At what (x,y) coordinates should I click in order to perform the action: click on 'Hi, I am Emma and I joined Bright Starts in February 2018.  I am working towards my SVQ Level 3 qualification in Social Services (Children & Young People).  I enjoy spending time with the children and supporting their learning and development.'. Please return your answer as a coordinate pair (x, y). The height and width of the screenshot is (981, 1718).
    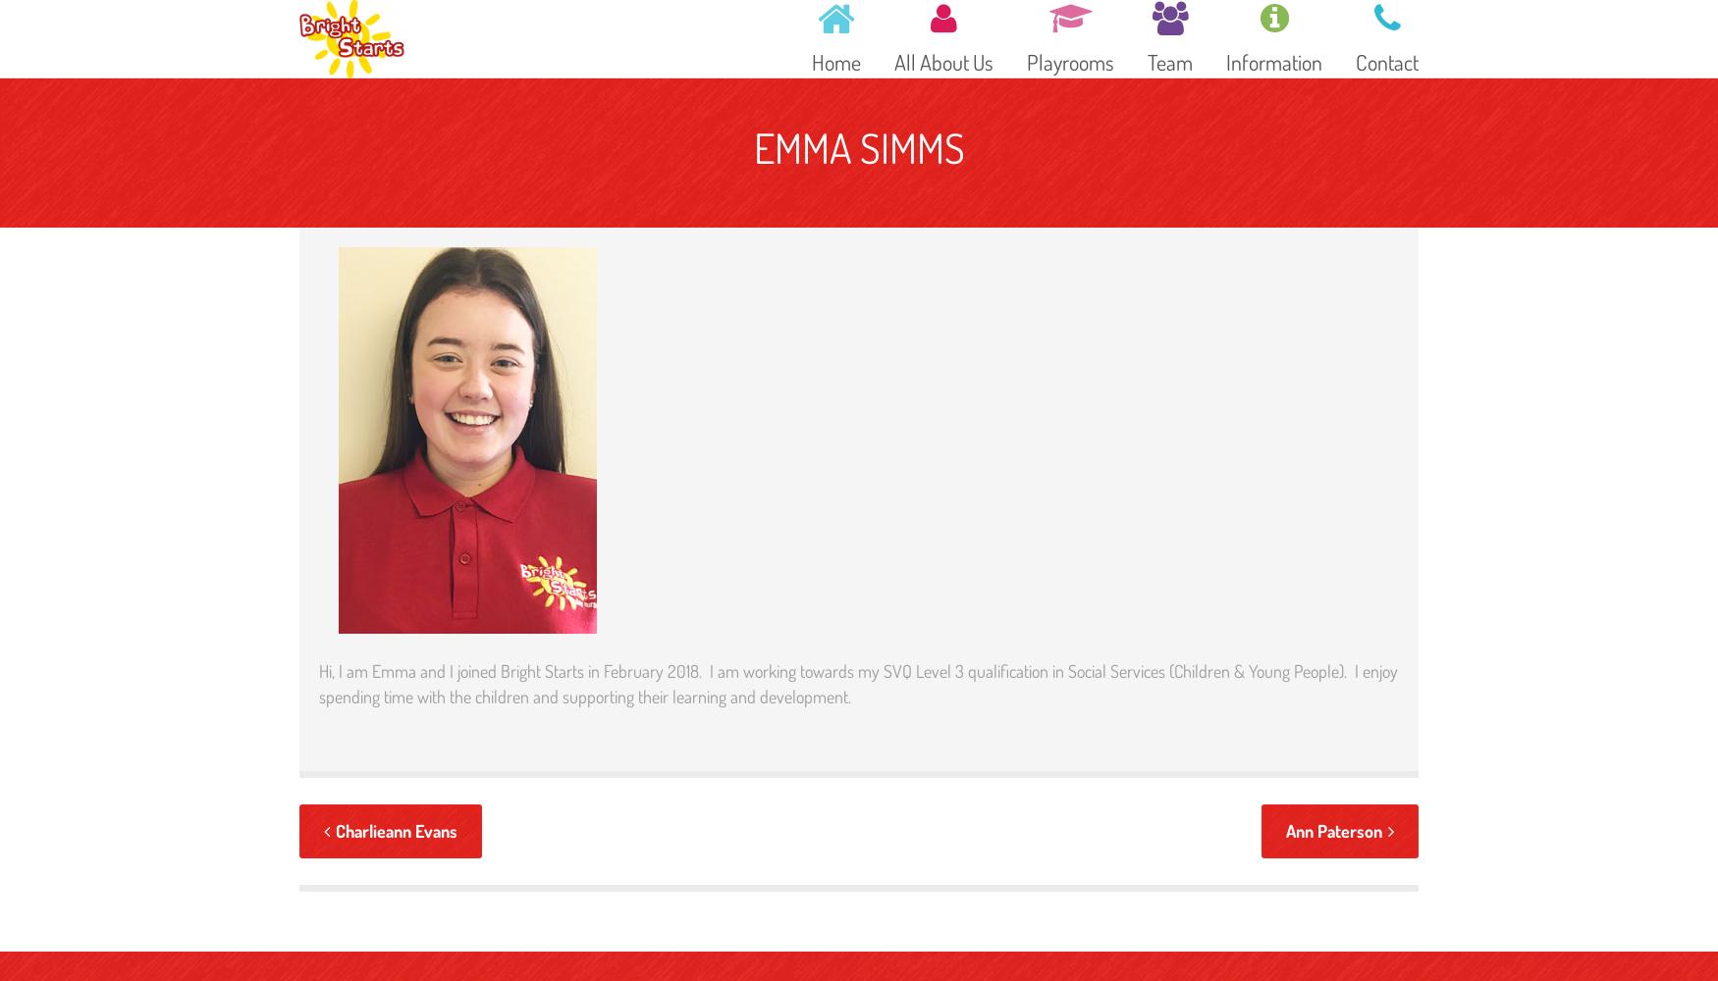
    Looking at the image, I should click on (858, 683).